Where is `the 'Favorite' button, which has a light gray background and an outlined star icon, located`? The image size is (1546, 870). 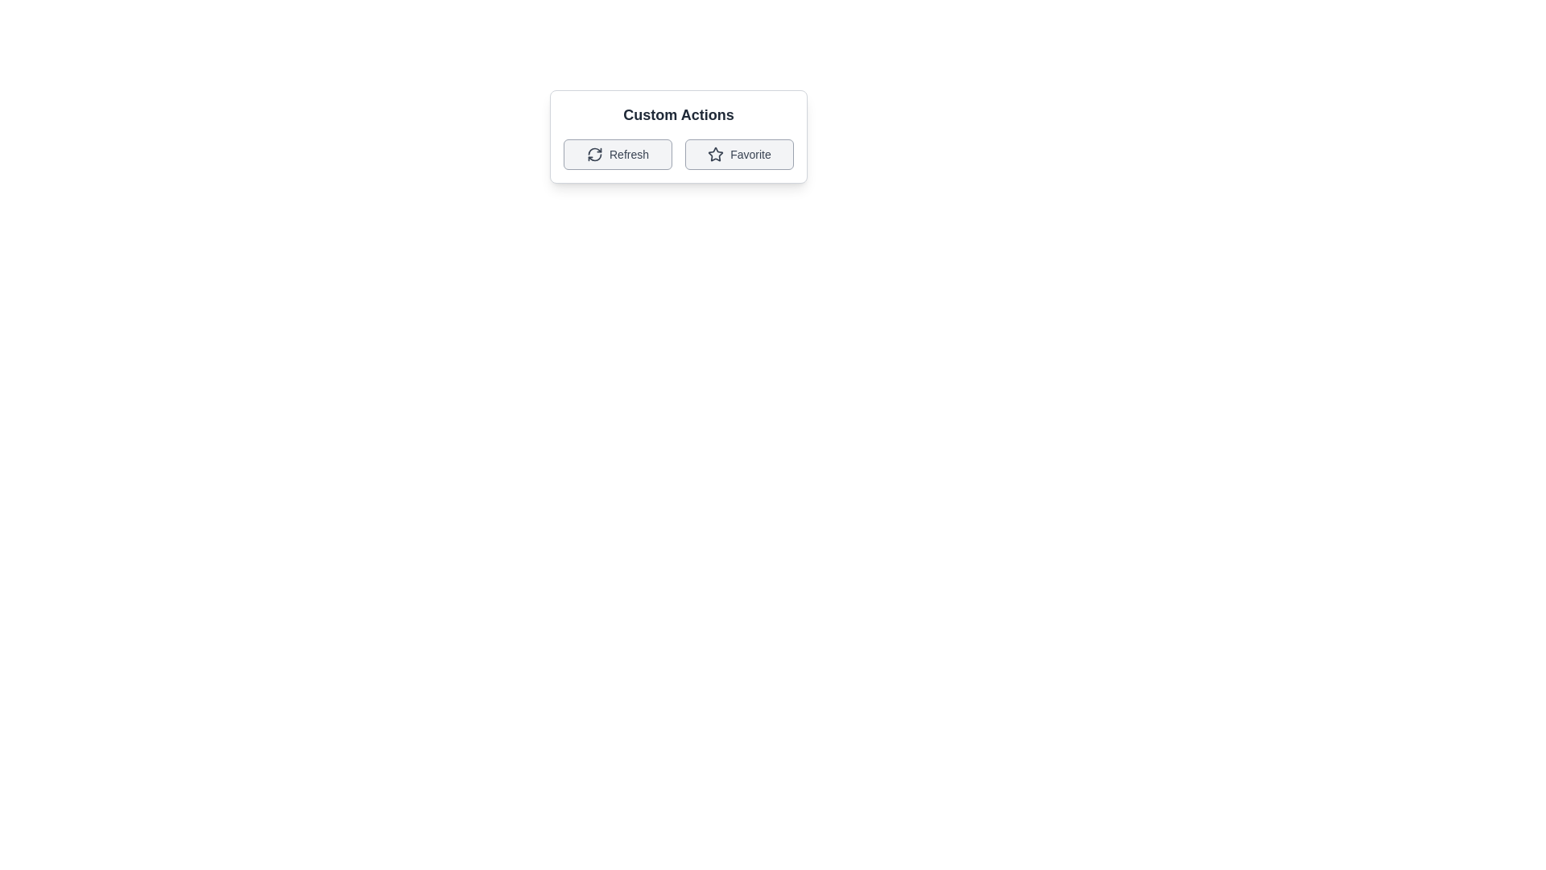
the 'Favorite' button, which has a light gray background and an outlined star icon, located is located at coordinates (738, 155).